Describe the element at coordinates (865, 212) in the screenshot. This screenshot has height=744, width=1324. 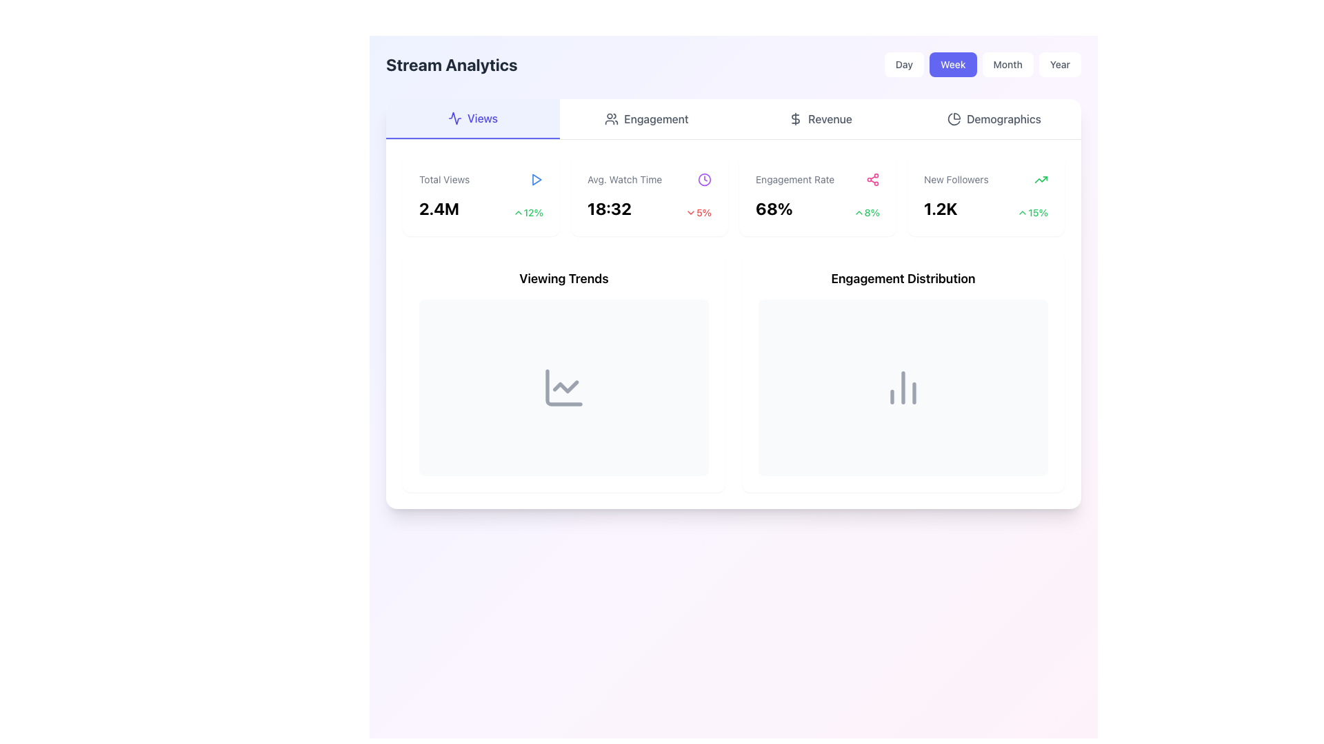
I see `information displayed on the label with the icon that indicates the percentage increase in engagement rate, located in the Engagement Rate card below the '68%' text` at that location.